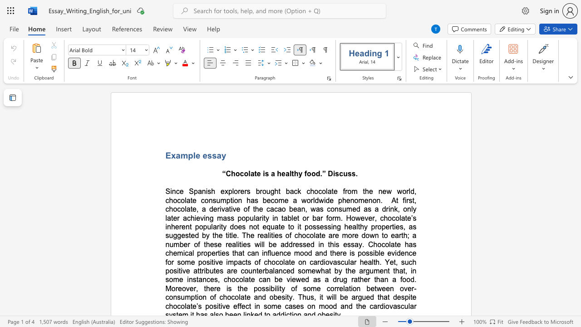 This screenshot has width=581, height=327. I want to click on the space between the continuous character "i" and "n" in the text, so click(172, 191).